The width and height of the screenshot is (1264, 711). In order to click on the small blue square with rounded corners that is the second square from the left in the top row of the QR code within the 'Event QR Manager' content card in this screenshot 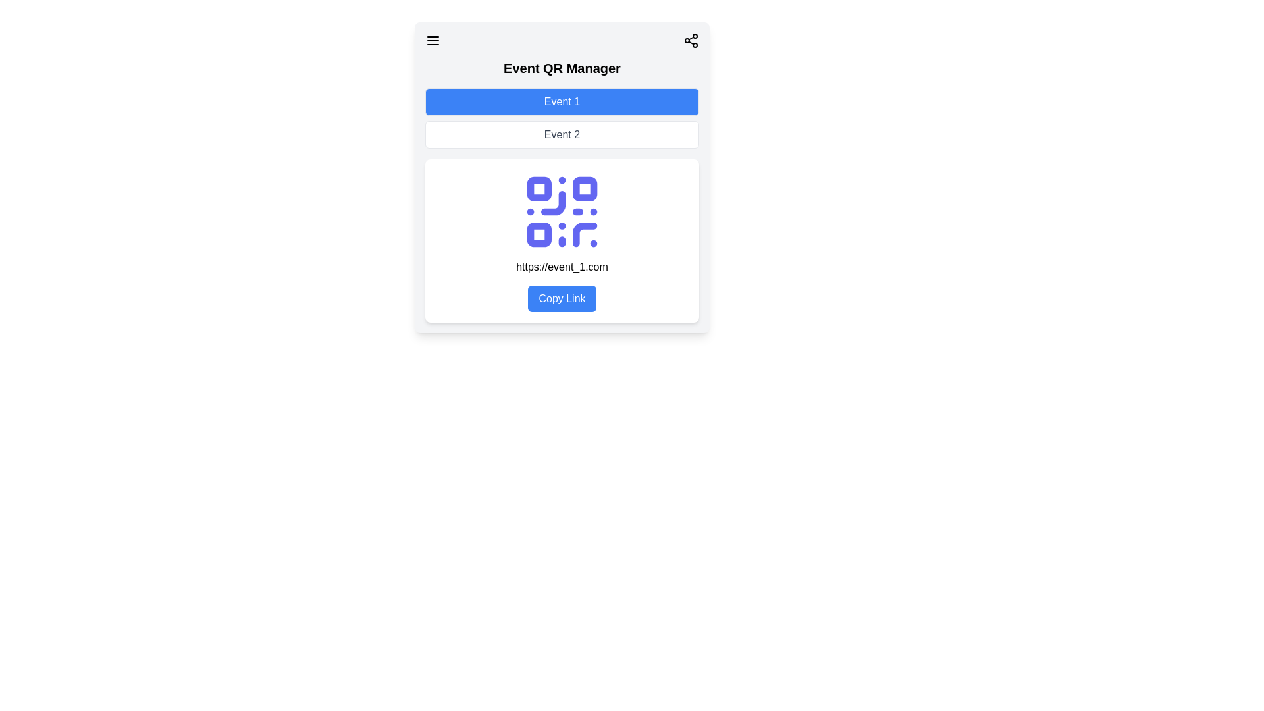, I will do `click(584, 189)`.